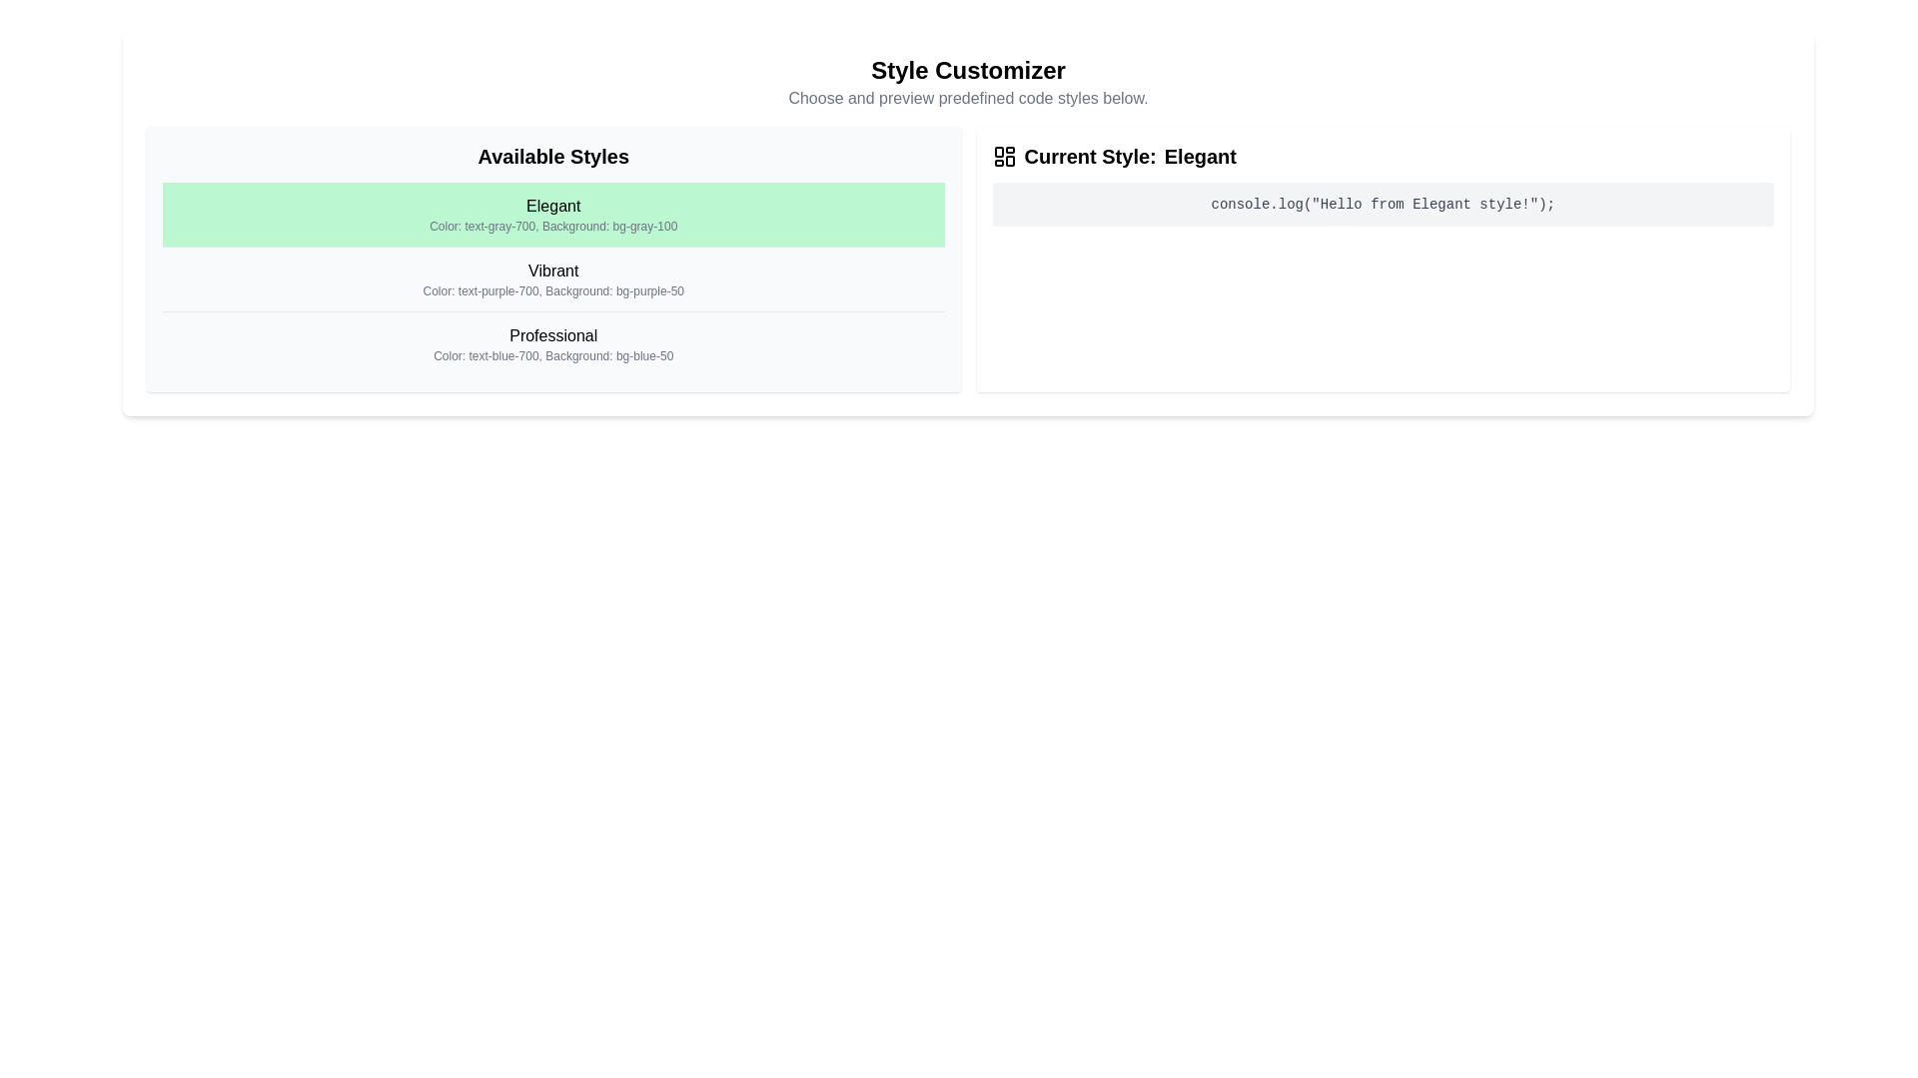 The image size is (1918, 1078). I want to click on the selectable option labeled 'Elegant' with a light green background, so click(553, 215).